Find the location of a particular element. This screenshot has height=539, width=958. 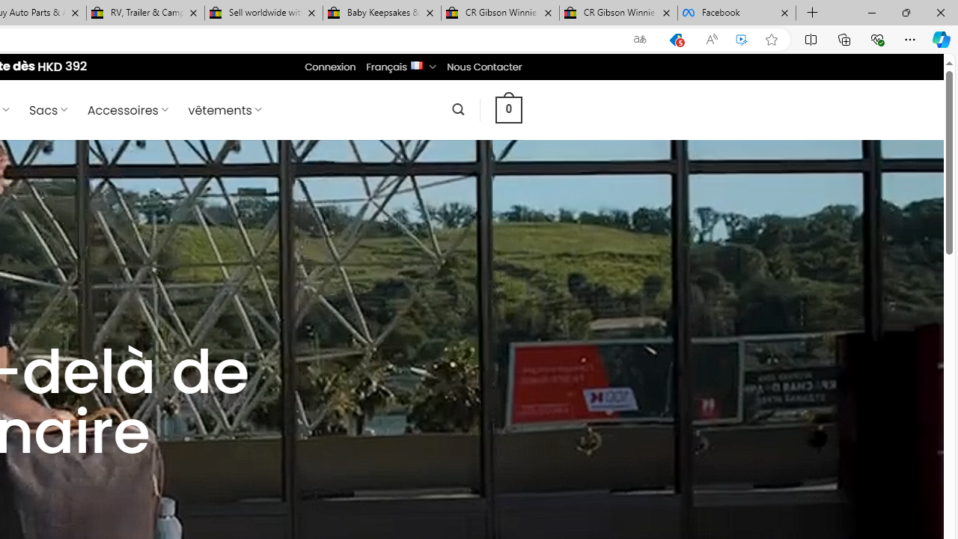

'Nous Contacter' is located at coordinates (484, 66).